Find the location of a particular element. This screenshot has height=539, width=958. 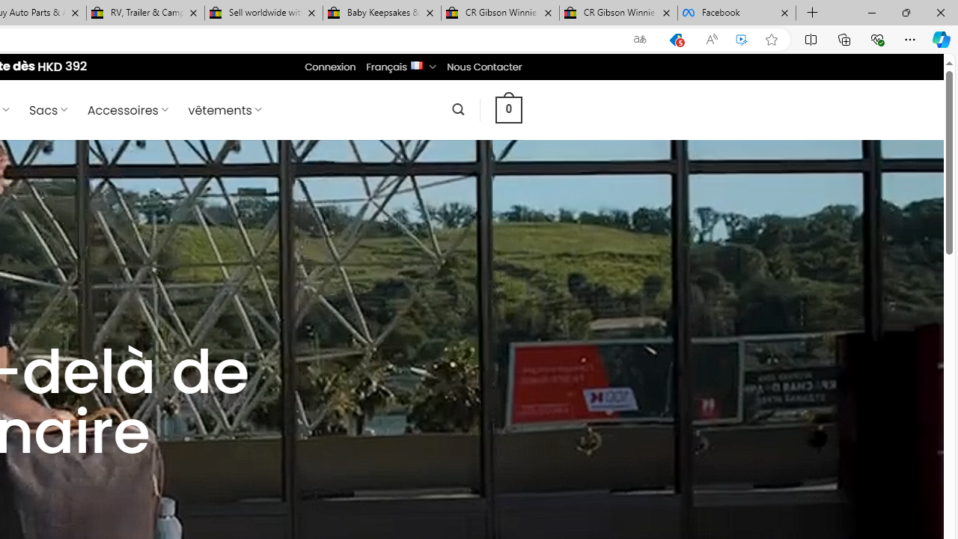

'Nous Contacter' is located at coordinates (484, 66).